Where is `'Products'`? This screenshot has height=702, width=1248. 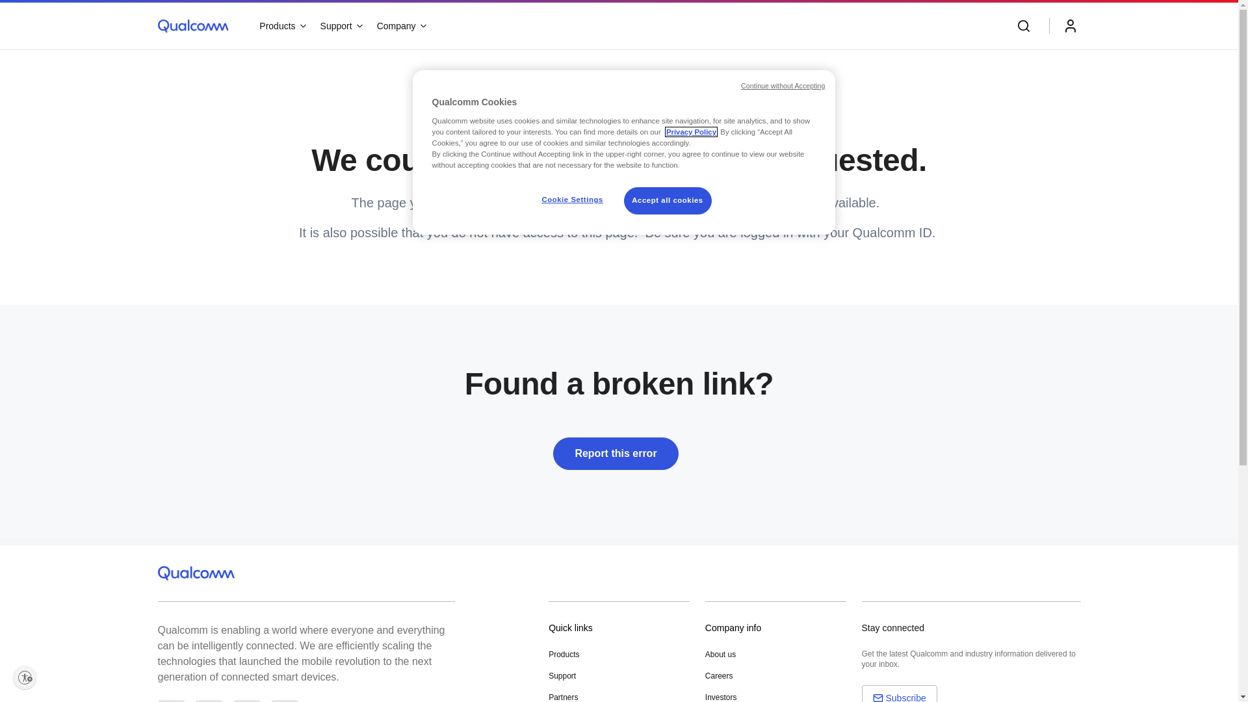
'Products' is located at coordinates (281, 25).